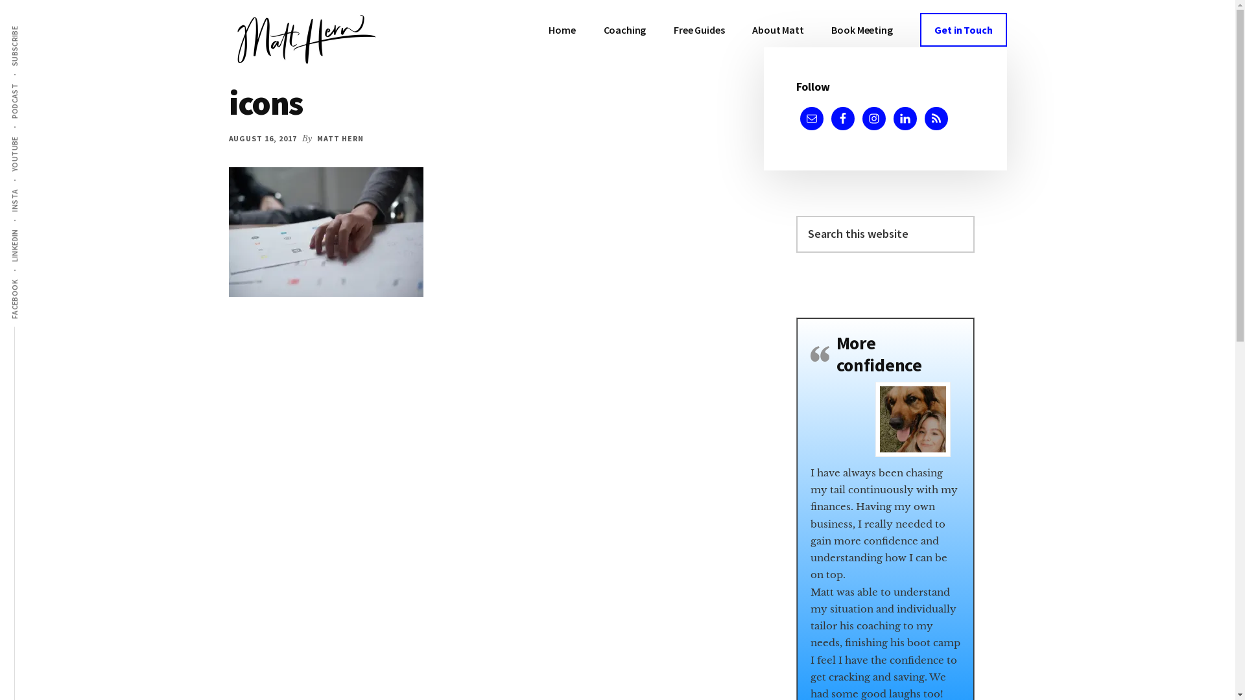 The height and width of the screenshot is (700, 1245). What do you see at coordinates (35, 25) in the screenshot?
I see `'SUBSCRIBE'` at bounding box center [35, 25].